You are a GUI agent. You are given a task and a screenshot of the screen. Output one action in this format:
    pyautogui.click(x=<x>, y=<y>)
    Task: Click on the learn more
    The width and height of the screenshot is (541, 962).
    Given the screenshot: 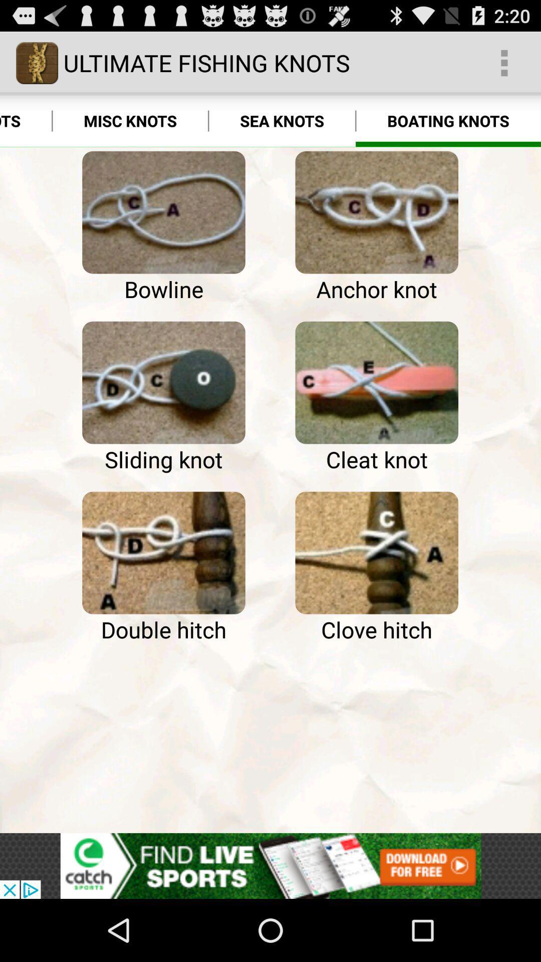 What is the action you would take?
    pyautogui.click(x=377, y=382)
    